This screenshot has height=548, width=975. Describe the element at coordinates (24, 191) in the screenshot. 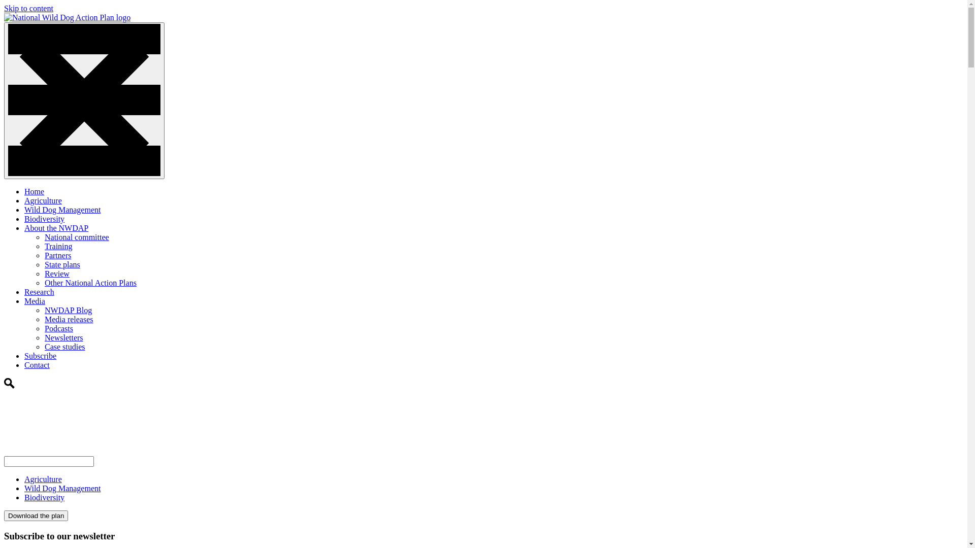

I see `'Home'` at that location.